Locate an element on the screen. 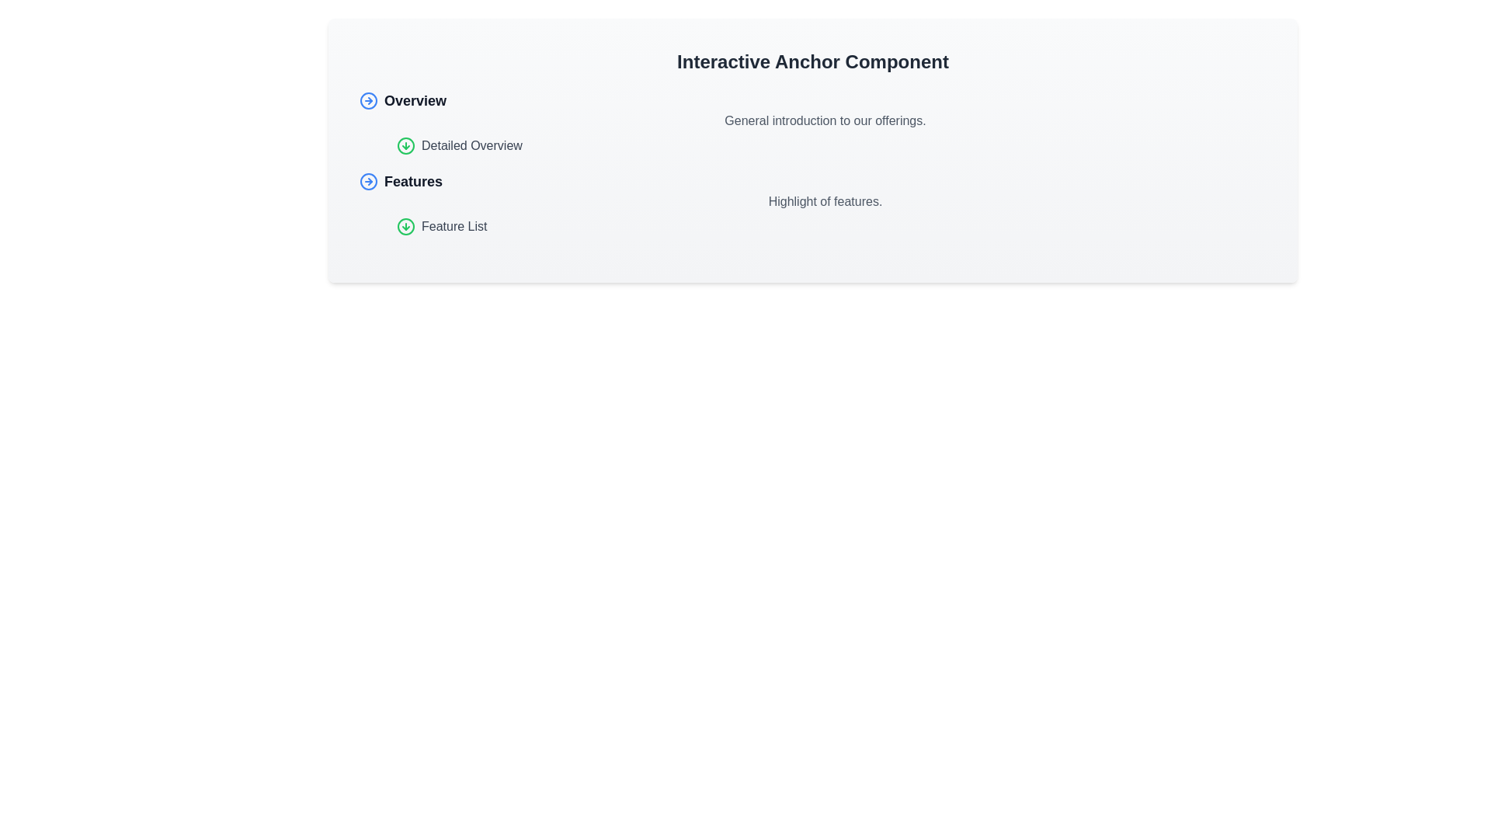 This screenshot has width=1491, height=839. the 'Overview' text link, which is styled as a header in large bold font and changes color on hover is located at coordinates (415, 101).